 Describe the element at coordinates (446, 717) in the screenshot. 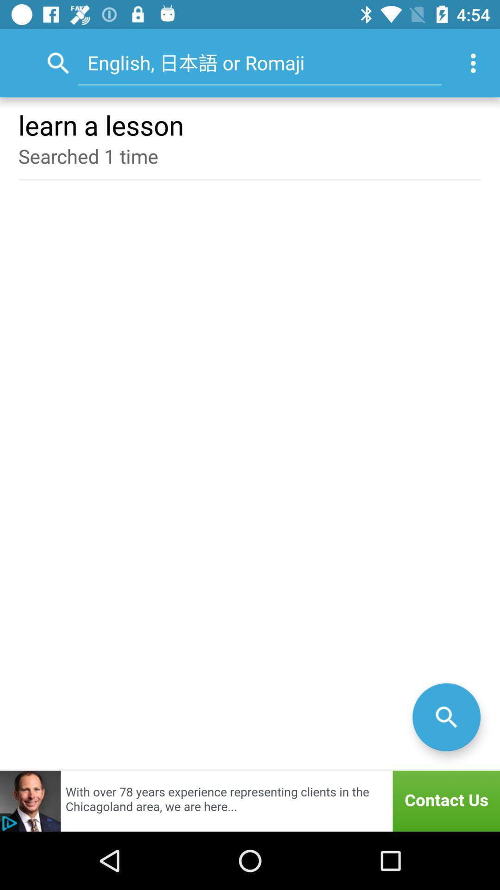

I see `the icon at the bottom right corner` at that location.